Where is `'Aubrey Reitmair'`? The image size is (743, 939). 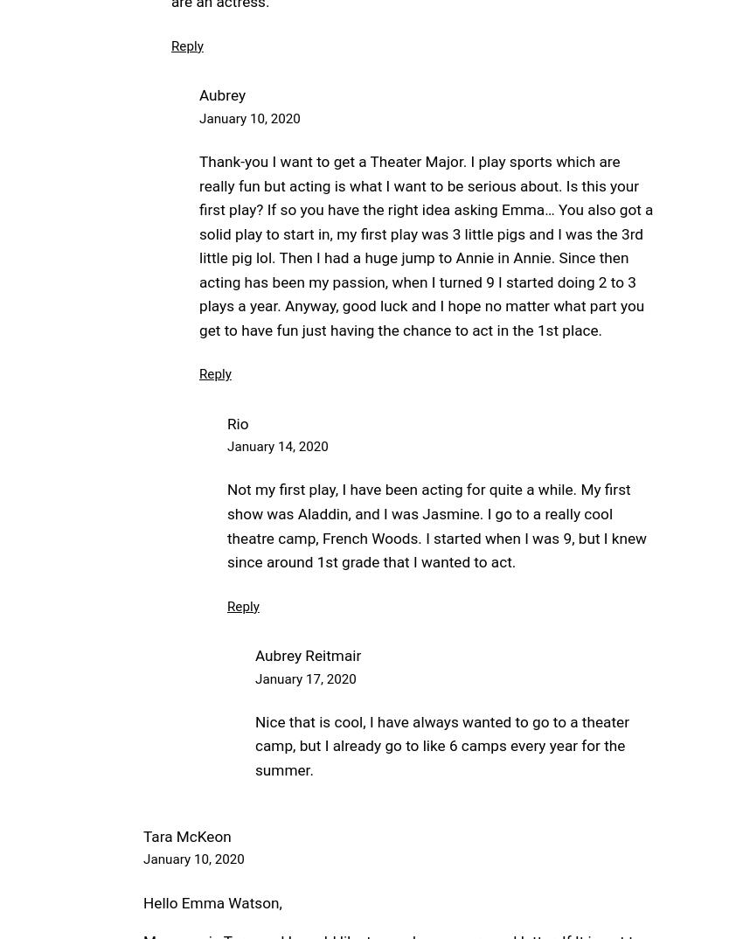 'Aubrey Reitmair' is located at coordinates (307, 655).